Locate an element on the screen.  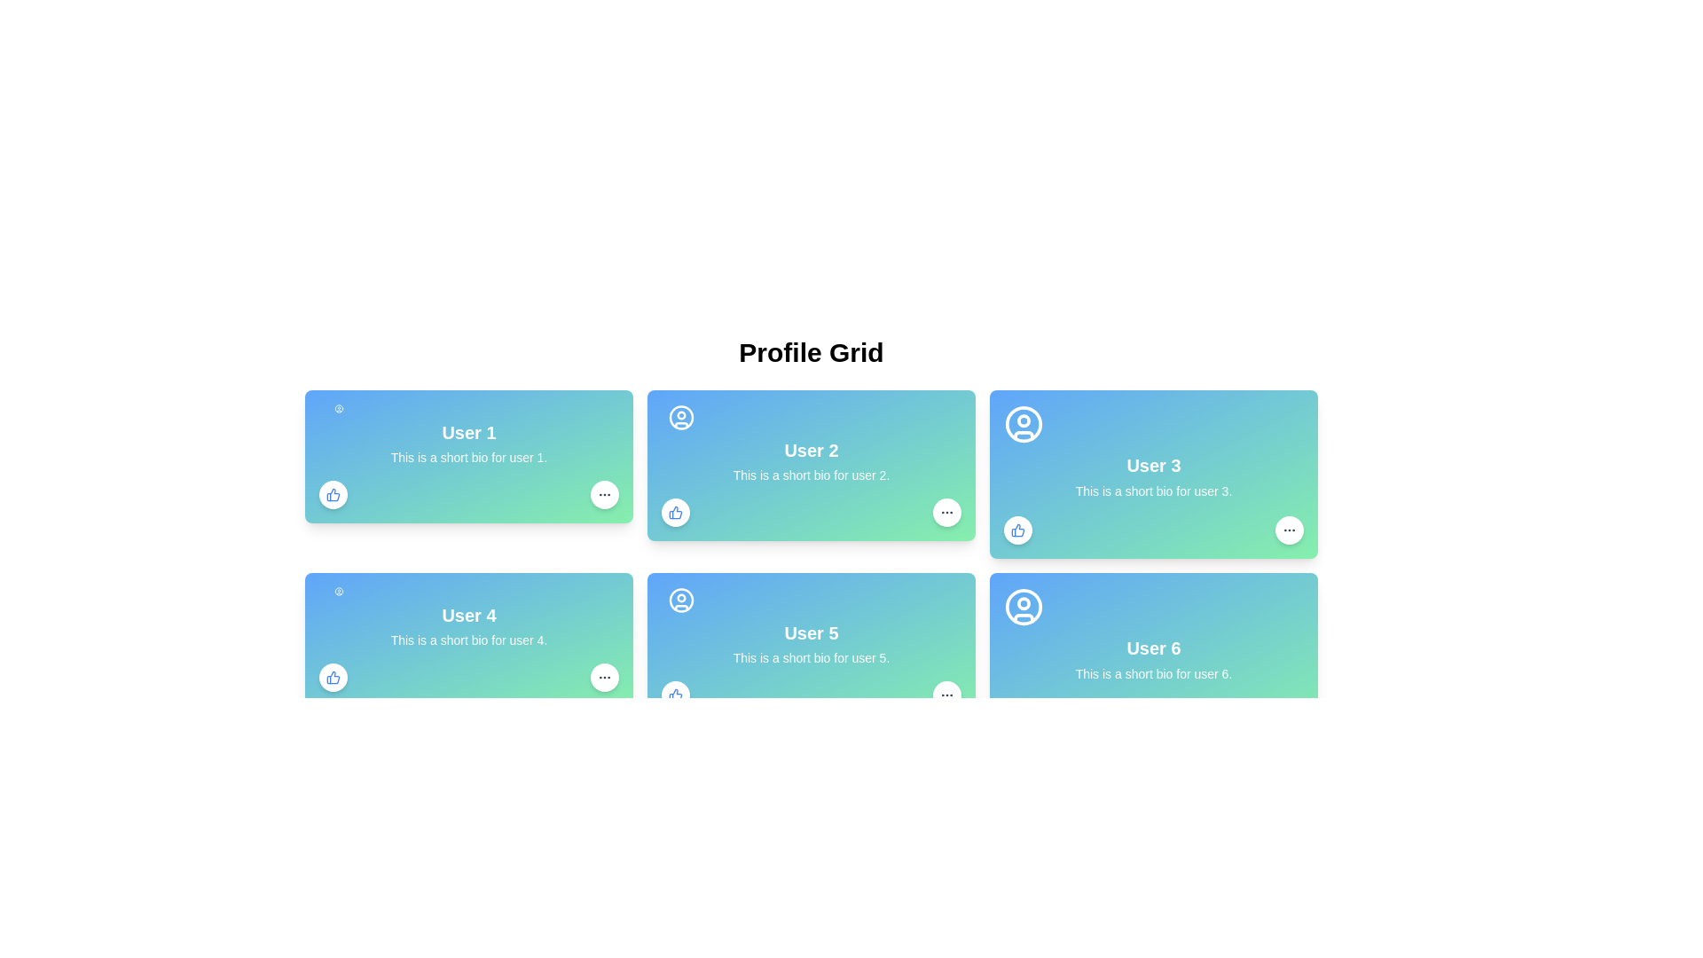
text displayed in the Text label that says 'This is a short bio for user 2.', which is located below the title 'User 2' in the middle card of user profiles is located at coordinates (811, 475).